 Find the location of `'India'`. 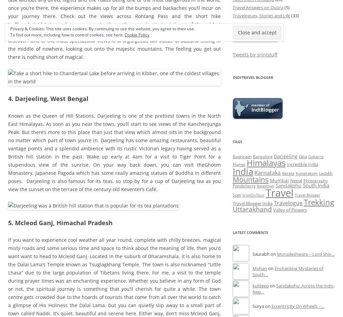

'India' is located at coordinates (243, 171).